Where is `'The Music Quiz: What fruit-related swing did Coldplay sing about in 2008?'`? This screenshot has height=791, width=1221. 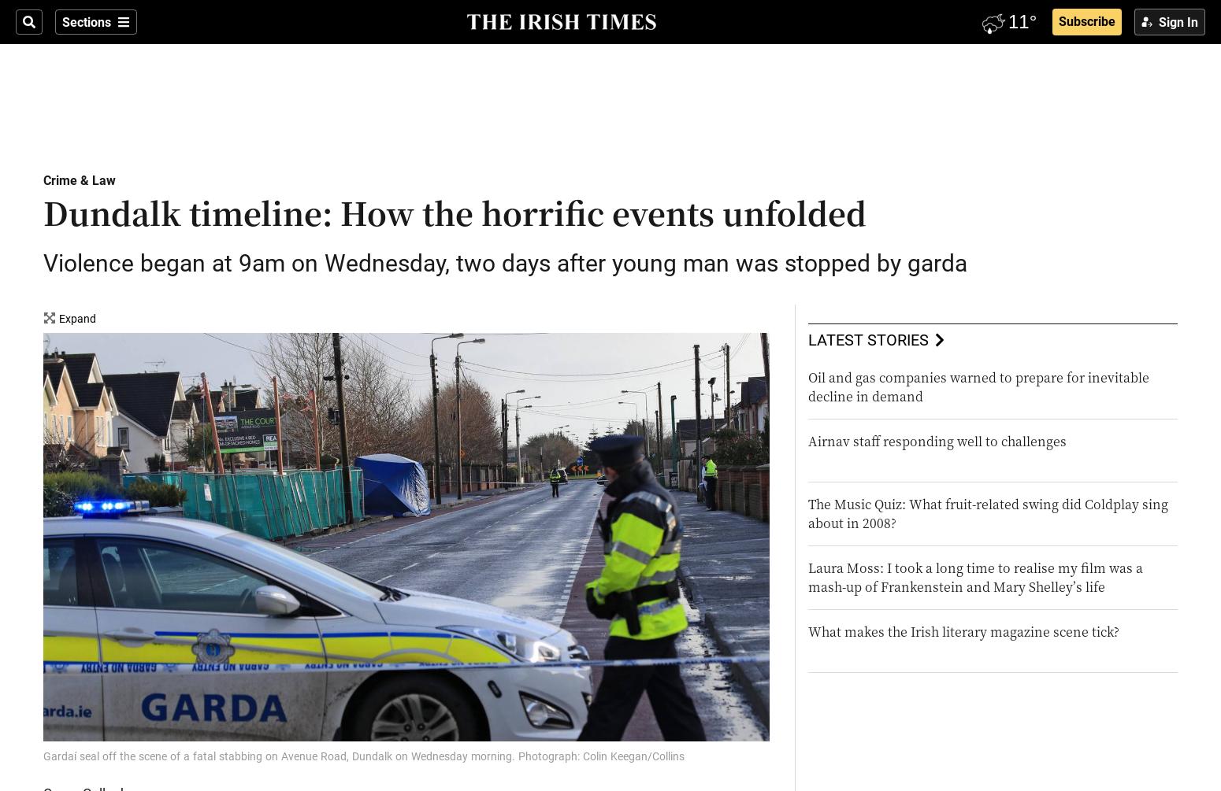
'The Music Quiz: What fruit-related swing did Coldplay sing about in 2008?' is located at coordinates (986, 512).